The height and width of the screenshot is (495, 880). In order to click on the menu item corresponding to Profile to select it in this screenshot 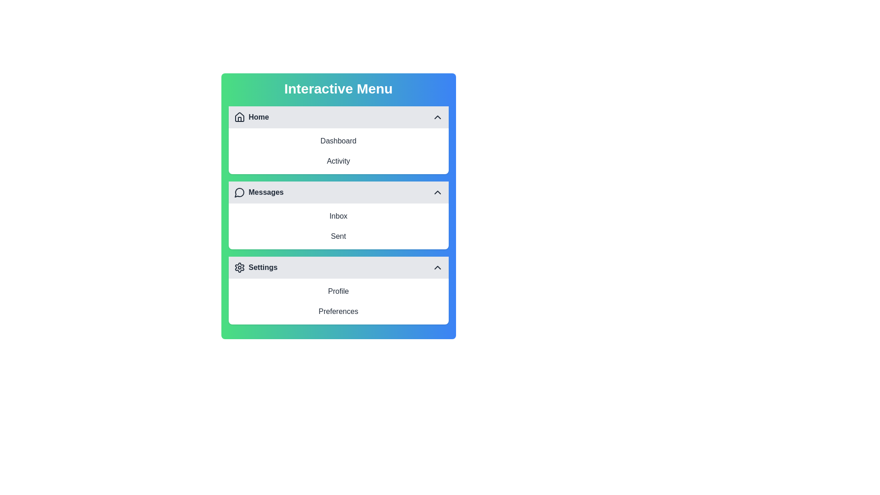, I will do `click(338, 291)`.